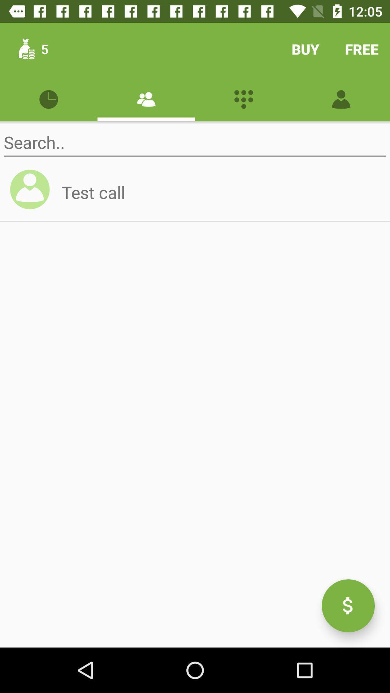 The height and width of the screenshot is (693, 390). I want to click on the button next to free, so click(305, 48).